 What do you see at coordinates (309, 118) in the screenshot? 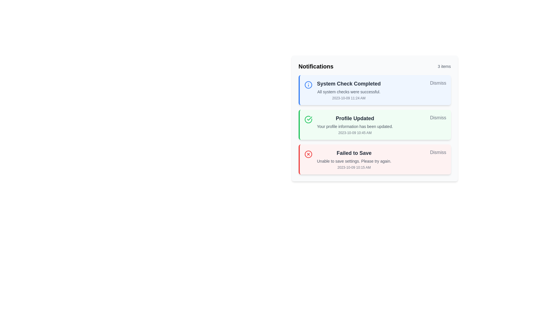
I see `the small check mark icon within the green-styled 'Profile Updated' notification panel, located to the left of the text content` at bounding box center [309, 118].